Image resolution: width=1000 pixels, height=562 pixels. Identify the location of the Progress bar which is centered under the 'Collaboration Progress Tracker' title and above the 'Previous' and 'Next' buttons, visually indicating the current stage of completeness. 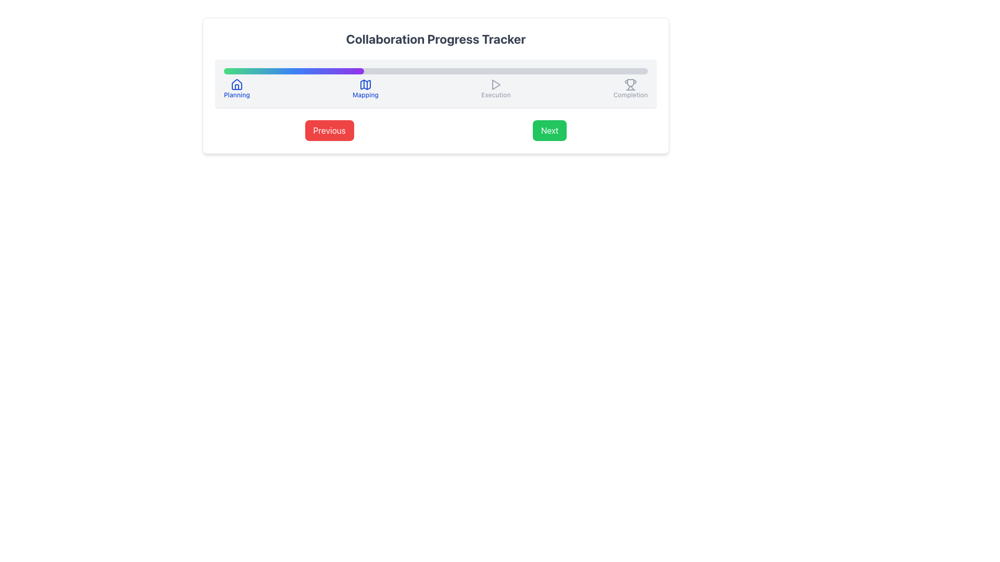
(435, 71).